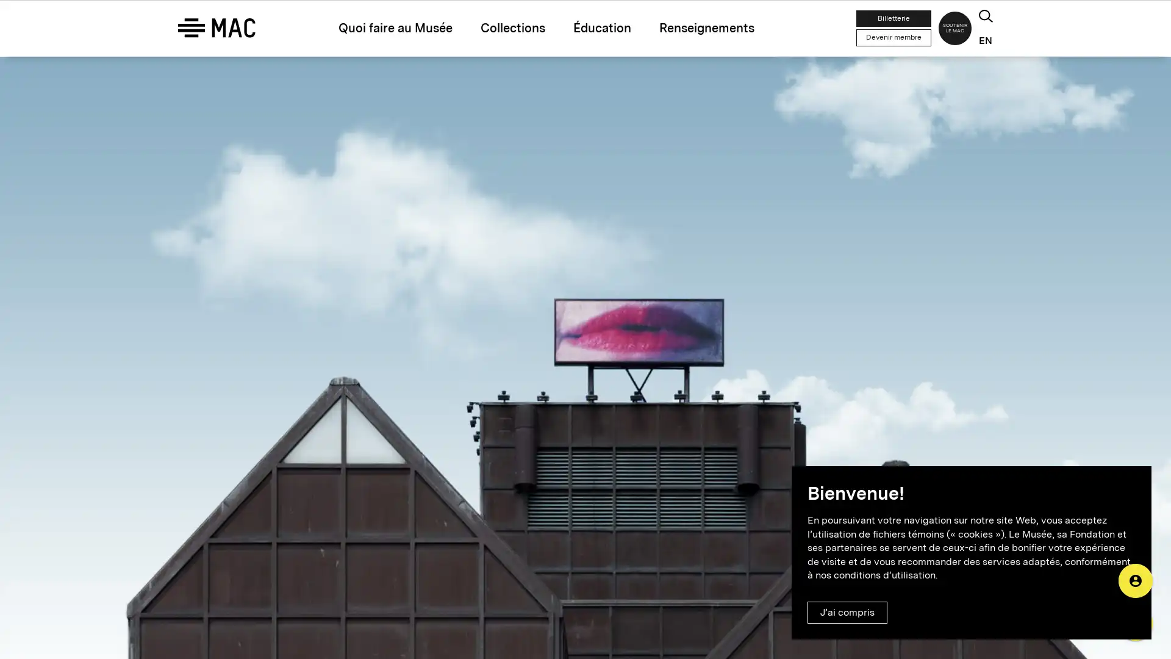 The width and height of the screenshot is (1171, 659). Describe the element at coordinates (847, 612) in the screenshot. I see `Jai compris` at that location.